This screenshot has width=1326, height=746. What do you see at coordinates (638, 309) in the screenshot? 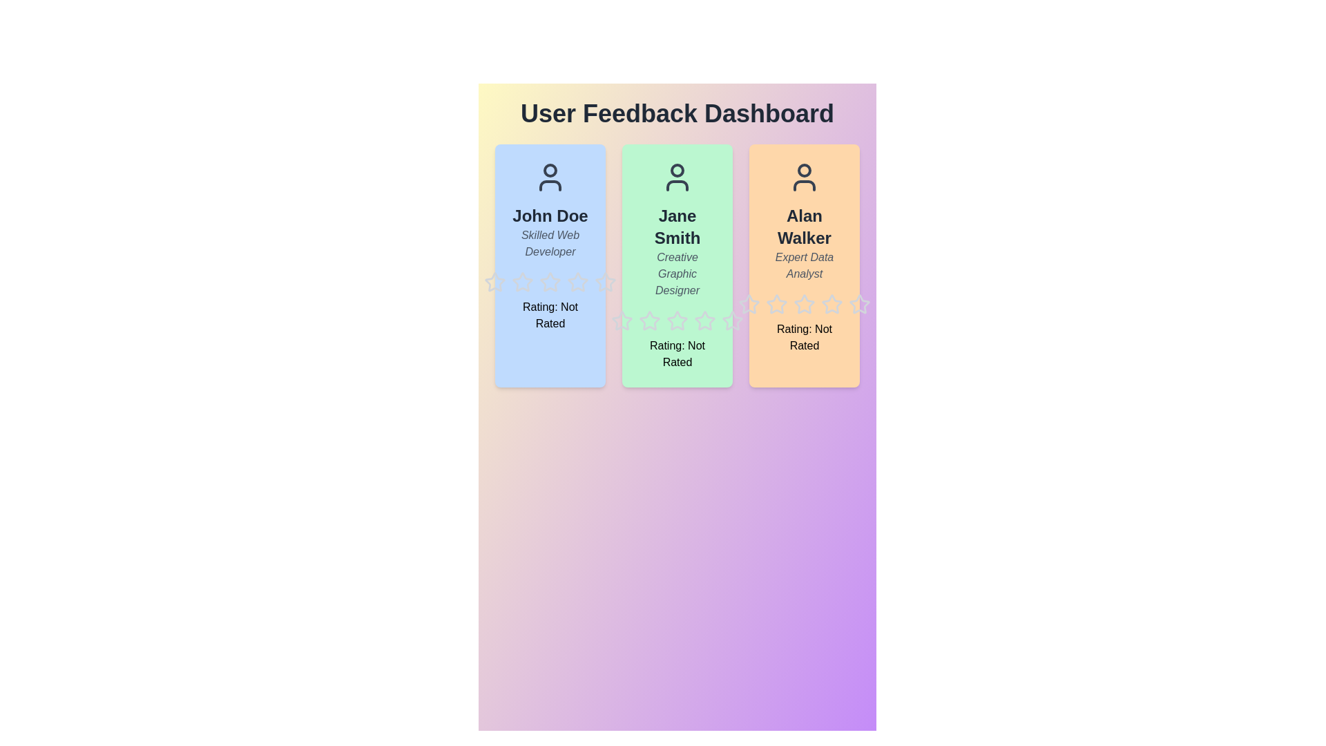
I see `the star icon corresponding to 2 for user Jane Smith` at bounding box center [638, 309].